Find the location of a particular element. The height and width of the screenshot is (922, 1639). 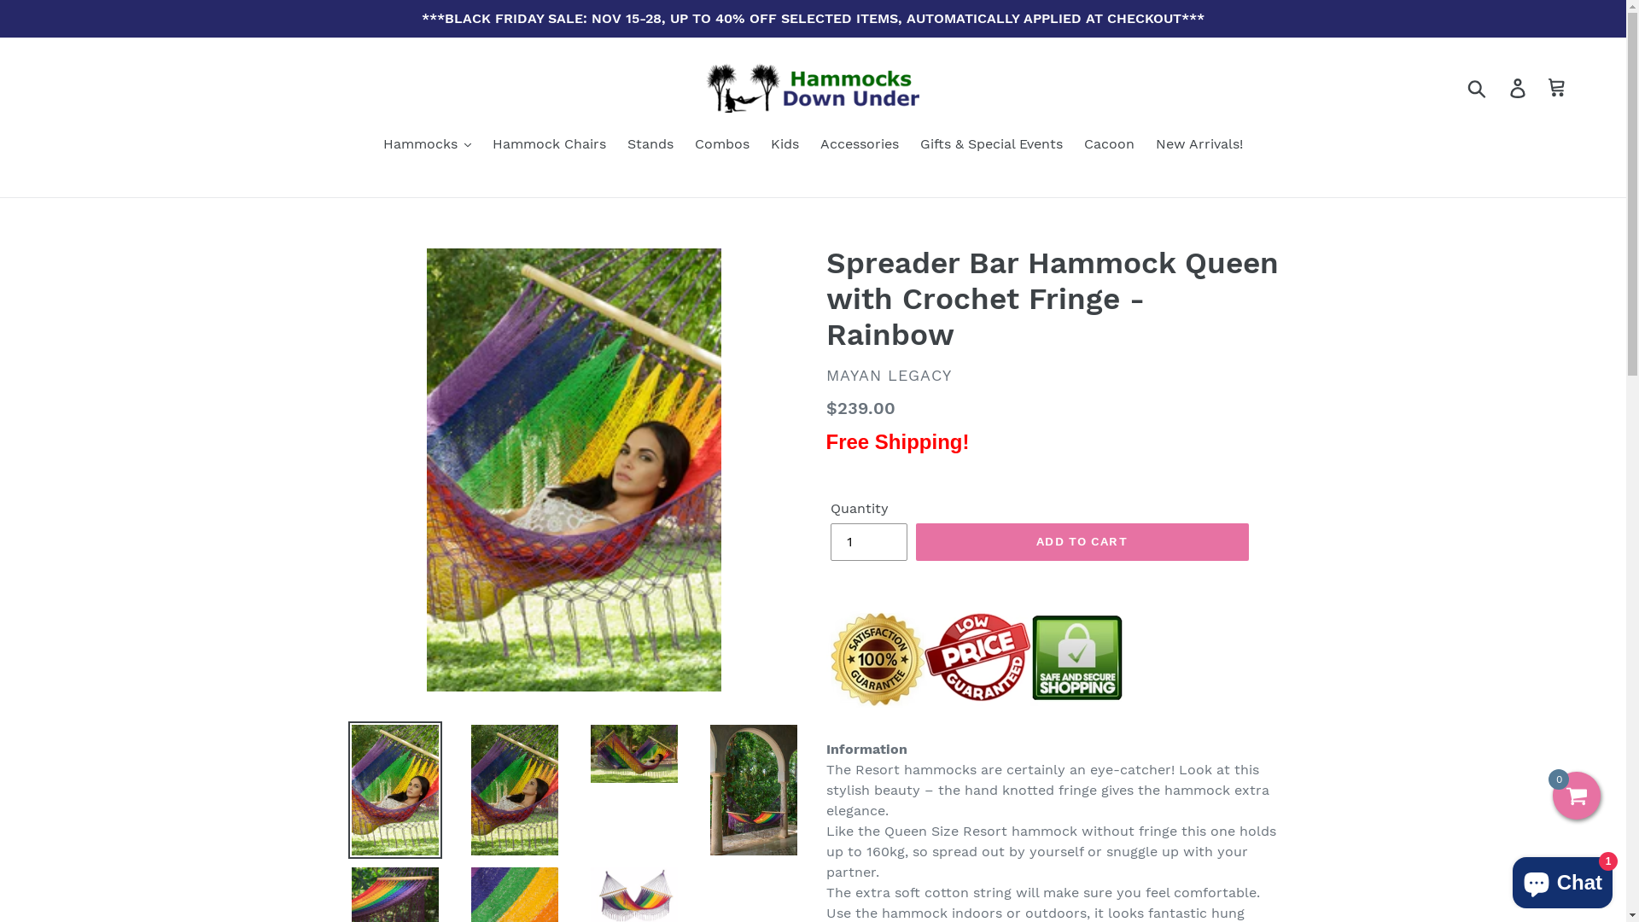

'Gifts & Special Events' is located at coordinates (991, 144).